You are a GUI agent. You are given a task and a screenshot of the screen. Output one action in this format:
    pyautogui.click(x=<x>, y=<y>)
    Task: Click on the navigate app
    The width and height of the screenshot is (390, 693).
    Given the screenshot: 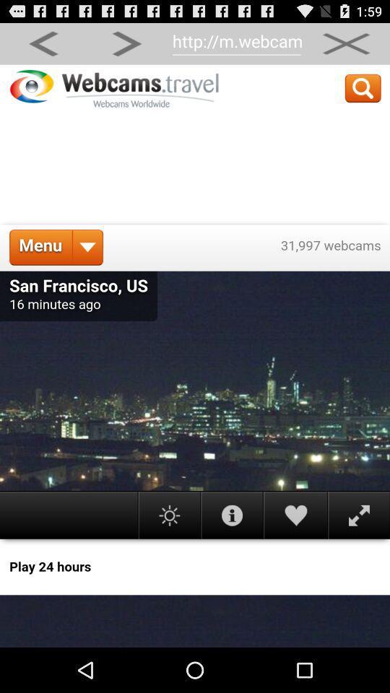 What is the action you would take?
    pyautogui.click(x=195, y=355)
    